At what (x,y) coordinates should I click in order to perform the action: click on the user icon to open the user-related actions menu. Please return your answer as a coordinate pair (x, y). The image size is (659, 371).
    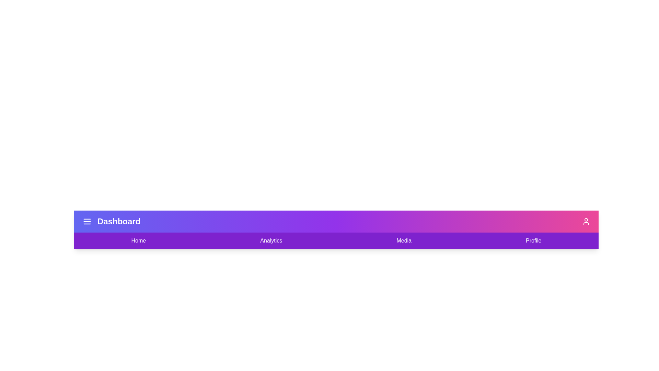
    Looking at the image, I should click on (586, 221).